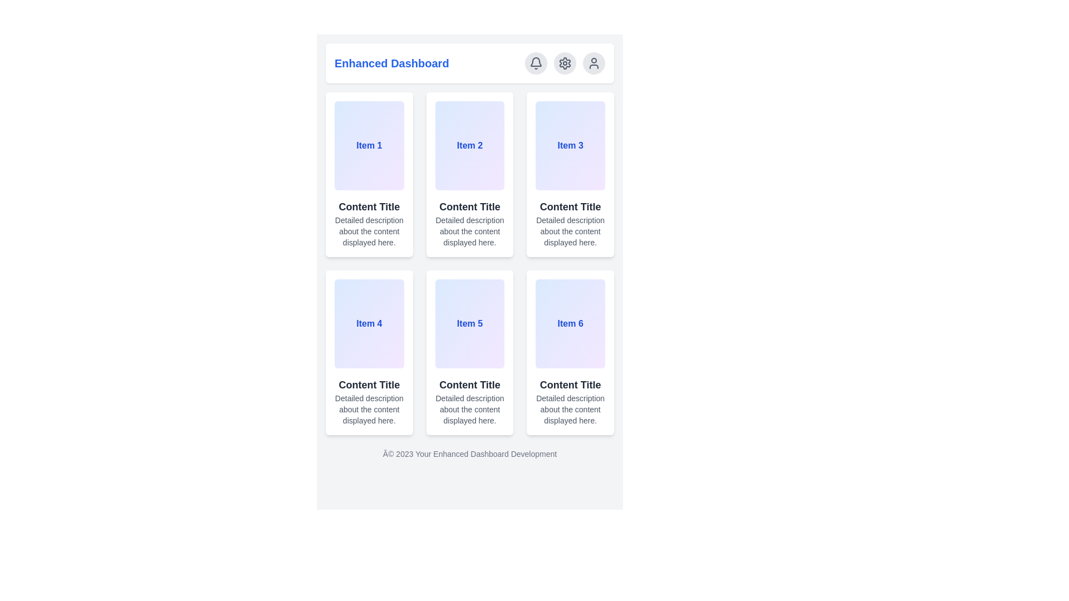  What do you see at coordinates (470, 231) in the screenshot?
I see `the static text providing additional details related to the 'Content Title' card, which is located in the second card of the first row in a three-column grid layout` at bounding box center [470, 231].